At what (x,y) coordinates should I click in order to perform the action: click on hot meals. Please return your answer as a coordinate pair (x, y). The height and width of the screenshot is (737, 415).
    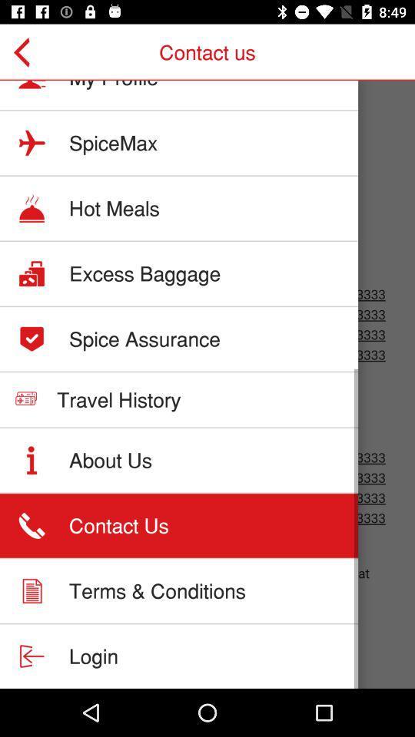
    Looking at the image, I should click on (113, 207).